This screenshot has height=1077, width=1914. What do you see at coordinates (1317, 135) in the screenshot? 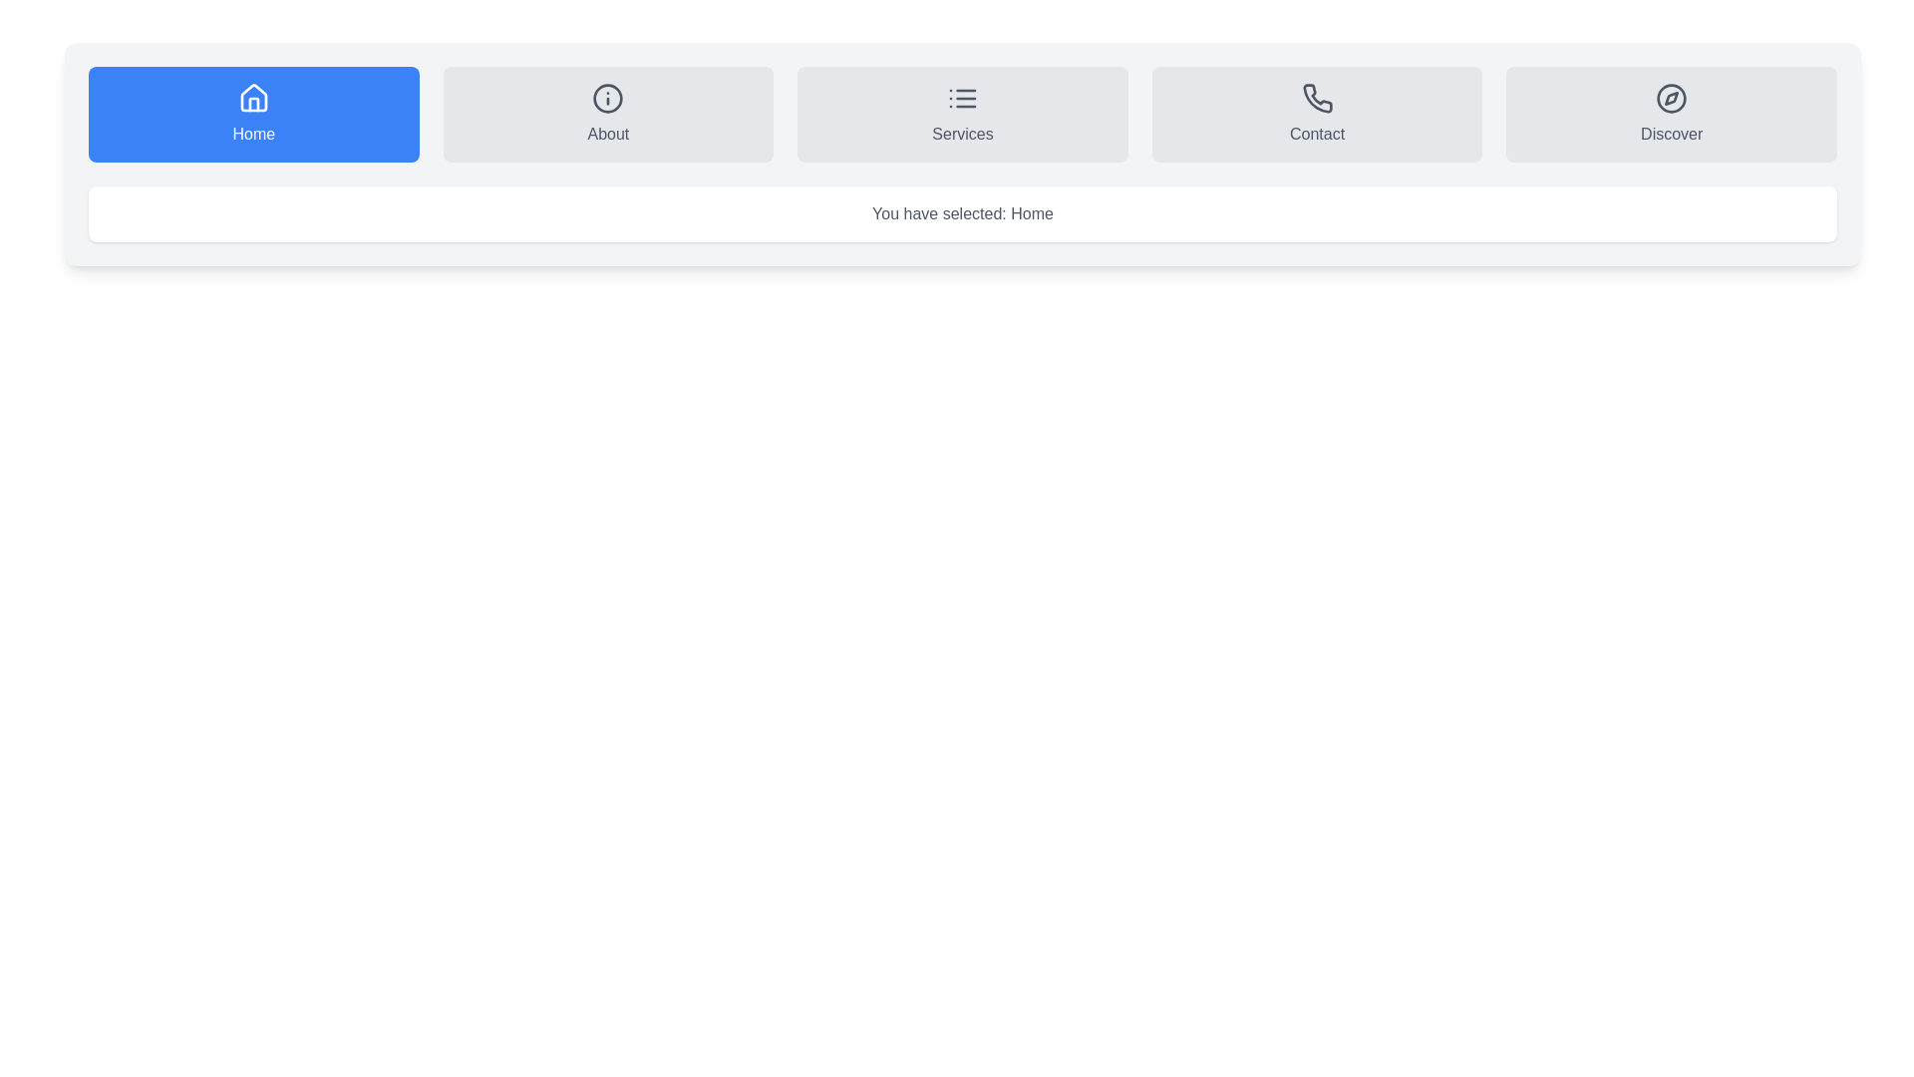
I see `the static text label that indicates the 'Contact' button, located beneath the telephone receiver icon in the navigation panel` at bounding box center [1317, 135].